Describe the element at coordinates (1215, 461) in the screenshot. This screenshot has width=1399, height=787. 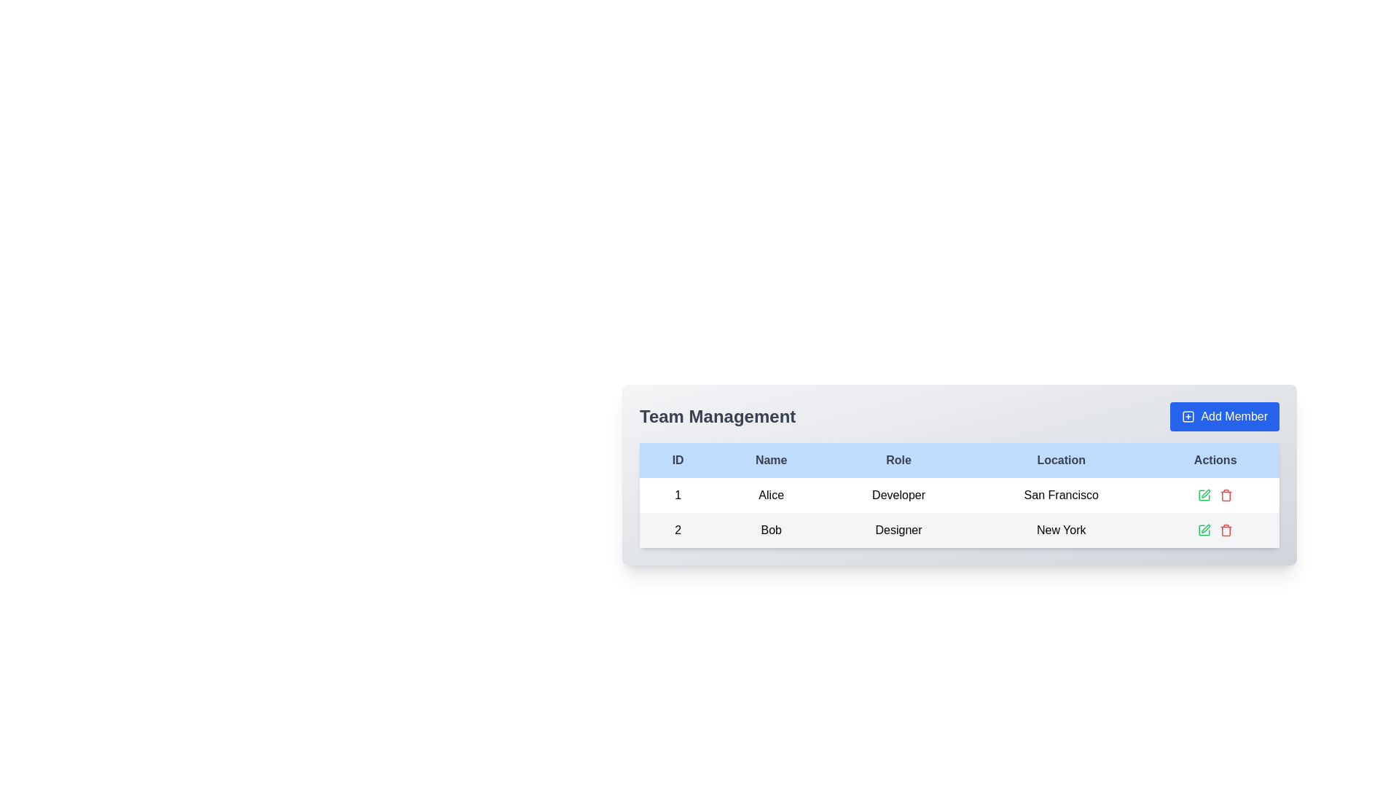
I see `the header label in the top-right corner of the data table, which indicates the column for action buttons or icons` at that location.